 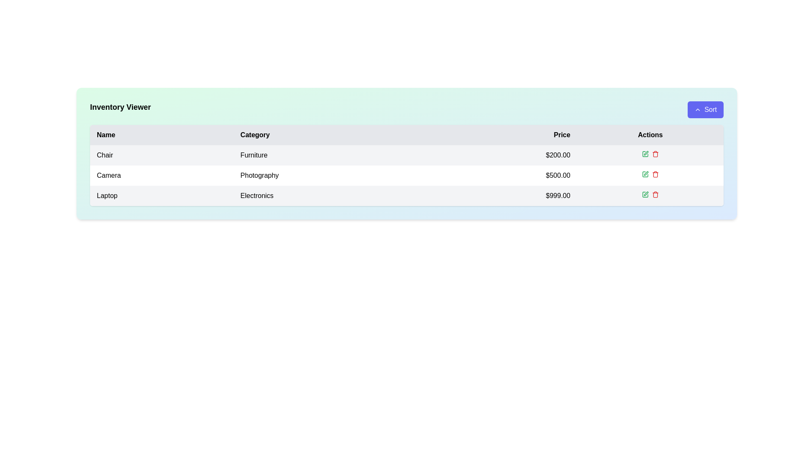 What do you see at coordinates (645, 174) in the screenshot?
I see `the edit icon located to the right of the second row in the 'Actions' column of the table` at bounding box center [645, 174].